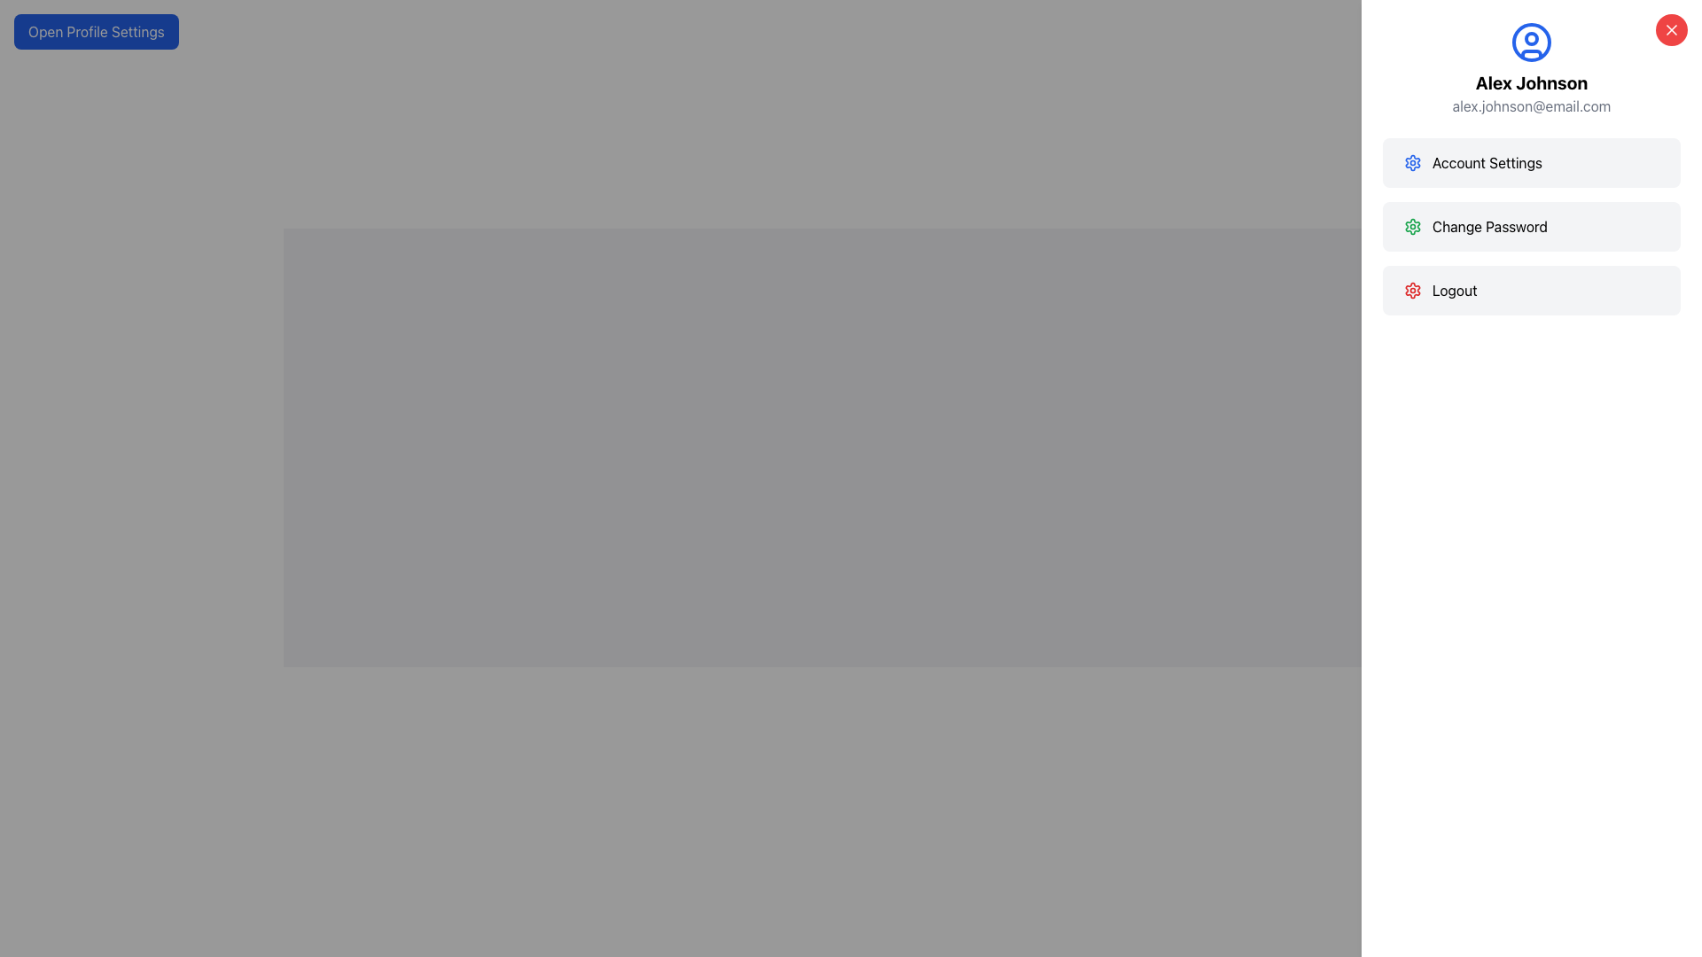  What do you see at coordinates (1411, 289) in the screenshot?
I see `the red gear-shaped icon located to the left of the 'Logout' label in the profile management section` at bounding box center [1411, 289].